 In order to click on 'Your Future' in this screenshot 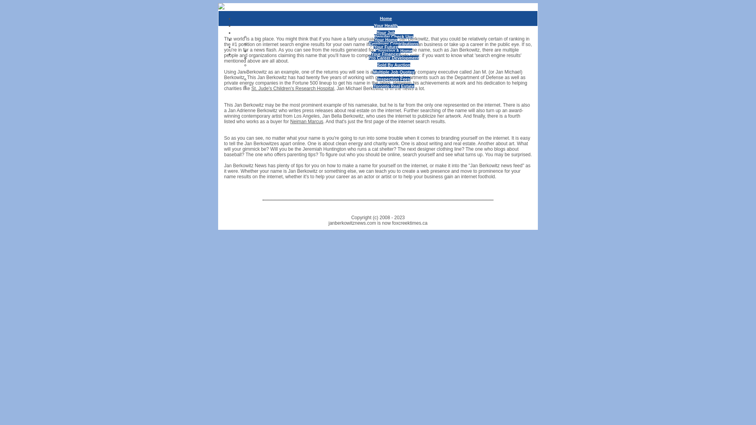, I will do `click(373, 47)`.